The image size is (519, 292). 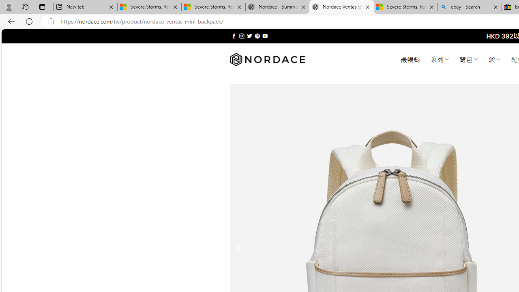 What do you see at coordinates (470, 7) in the screenshot?
I see `'ebay - Search'` at bounding box center [470, 7].